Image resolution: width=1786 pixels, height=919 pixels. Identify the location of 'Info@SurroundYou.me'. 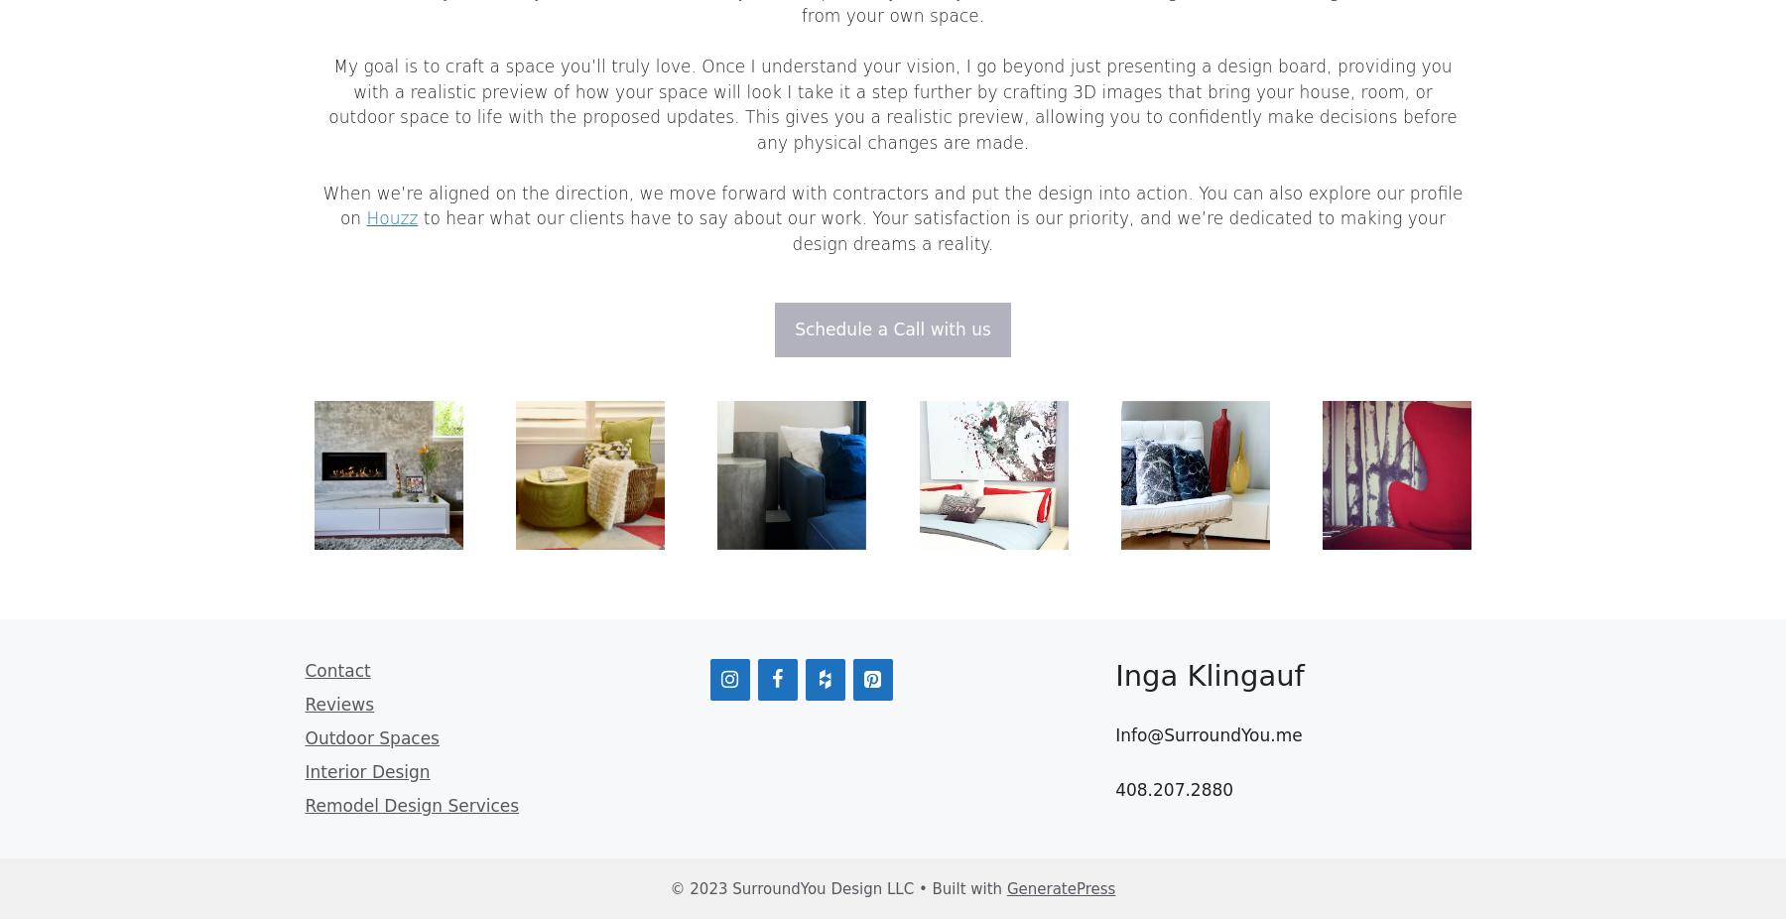
(1208, 733).